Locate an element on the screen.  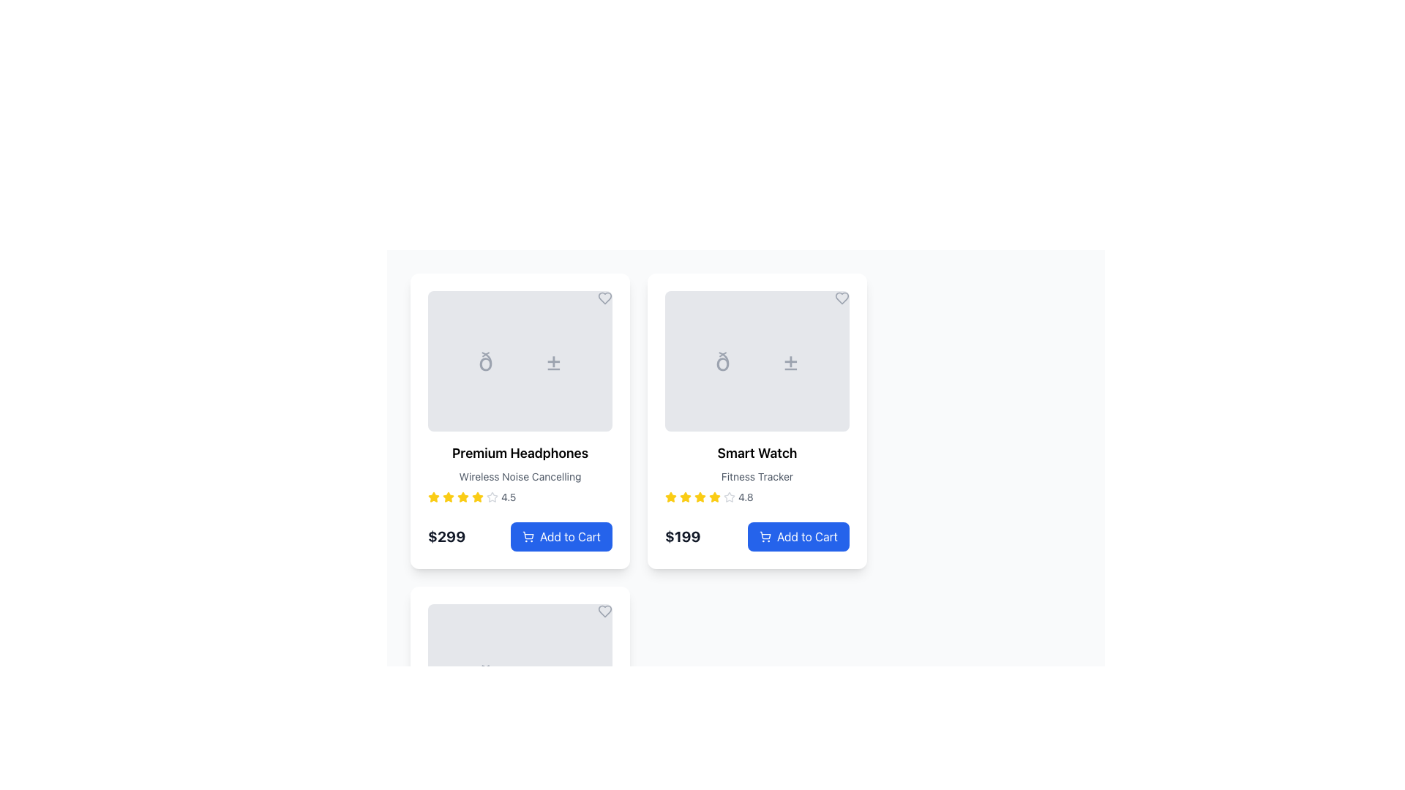
the 'Add to Cart' button with a blue background and white text located in the bottom-right corner of the 'Premium Headphones' card to change its background color is located at coordinates (561, 536).